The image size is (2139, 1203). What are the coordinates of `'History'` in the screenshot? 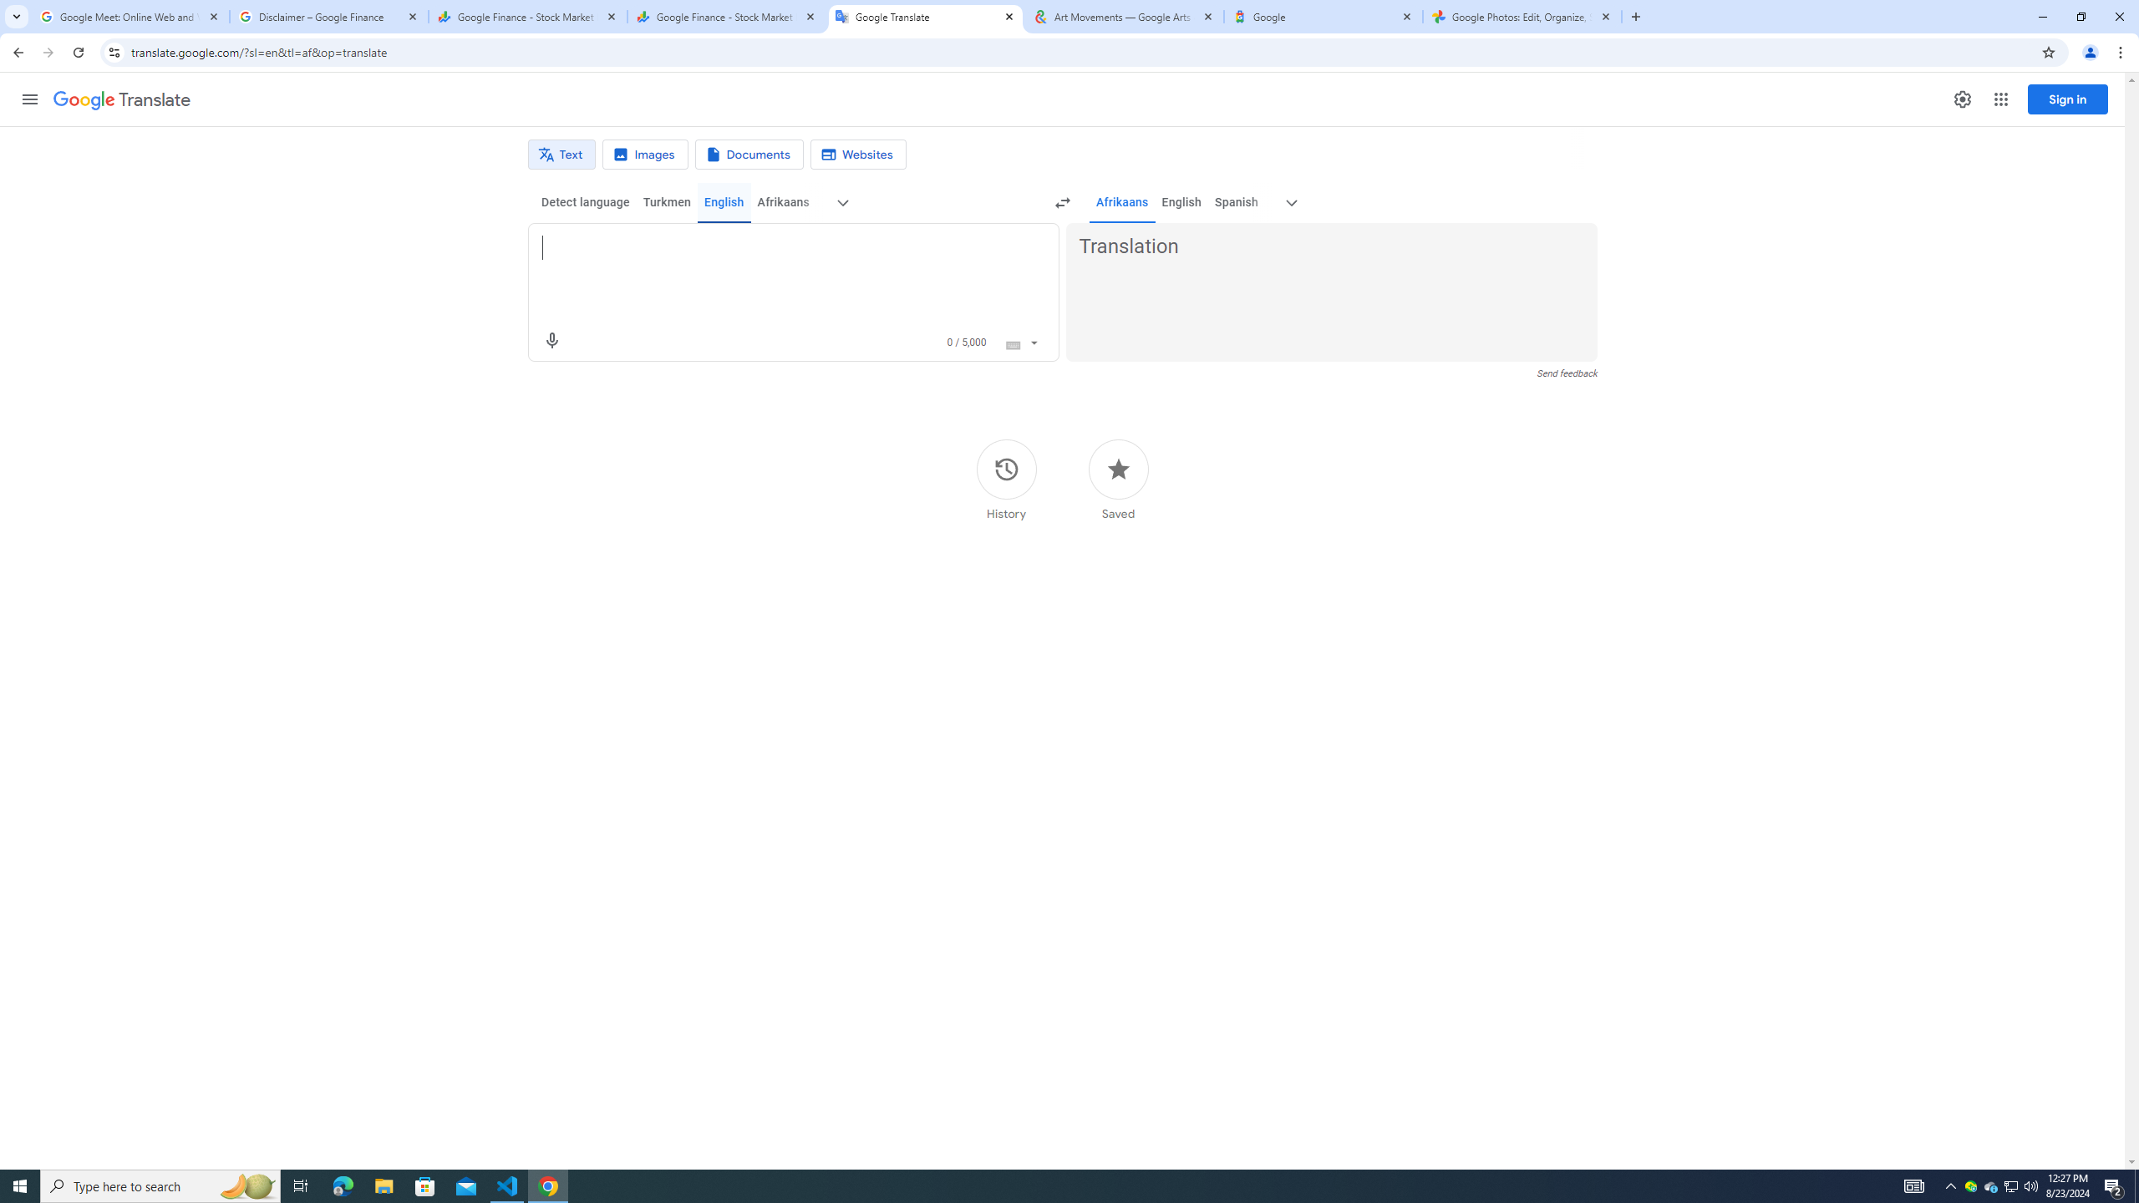 It's located at (1005, 480).